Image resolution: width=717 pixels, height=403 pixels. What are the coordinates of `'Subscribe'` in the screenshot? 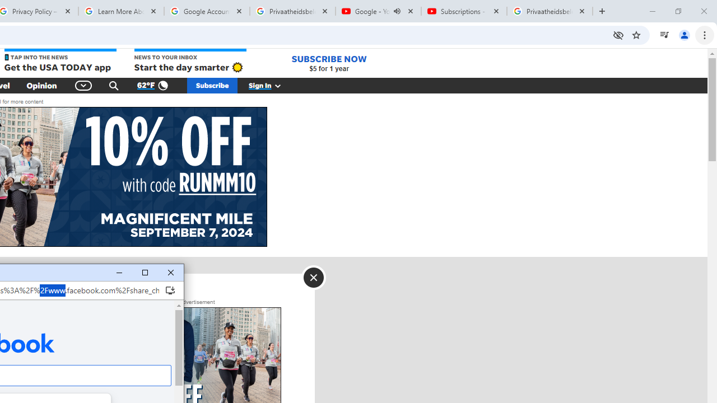 It's located at (212, 85).